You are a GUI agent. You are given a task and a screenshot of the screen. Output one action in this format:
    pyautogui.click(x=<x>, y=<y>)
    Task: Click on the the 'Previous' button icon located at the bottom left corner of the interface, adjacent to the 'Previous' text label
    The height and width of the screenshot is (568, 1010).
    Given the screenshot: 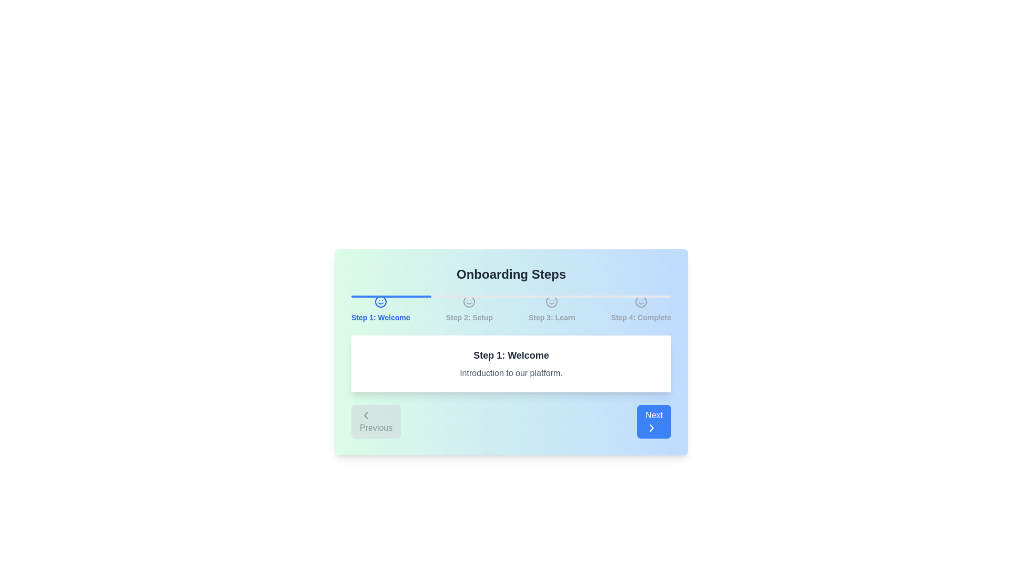 What is the action you would take?
    pyautogui.click(x=366, y=415)
    